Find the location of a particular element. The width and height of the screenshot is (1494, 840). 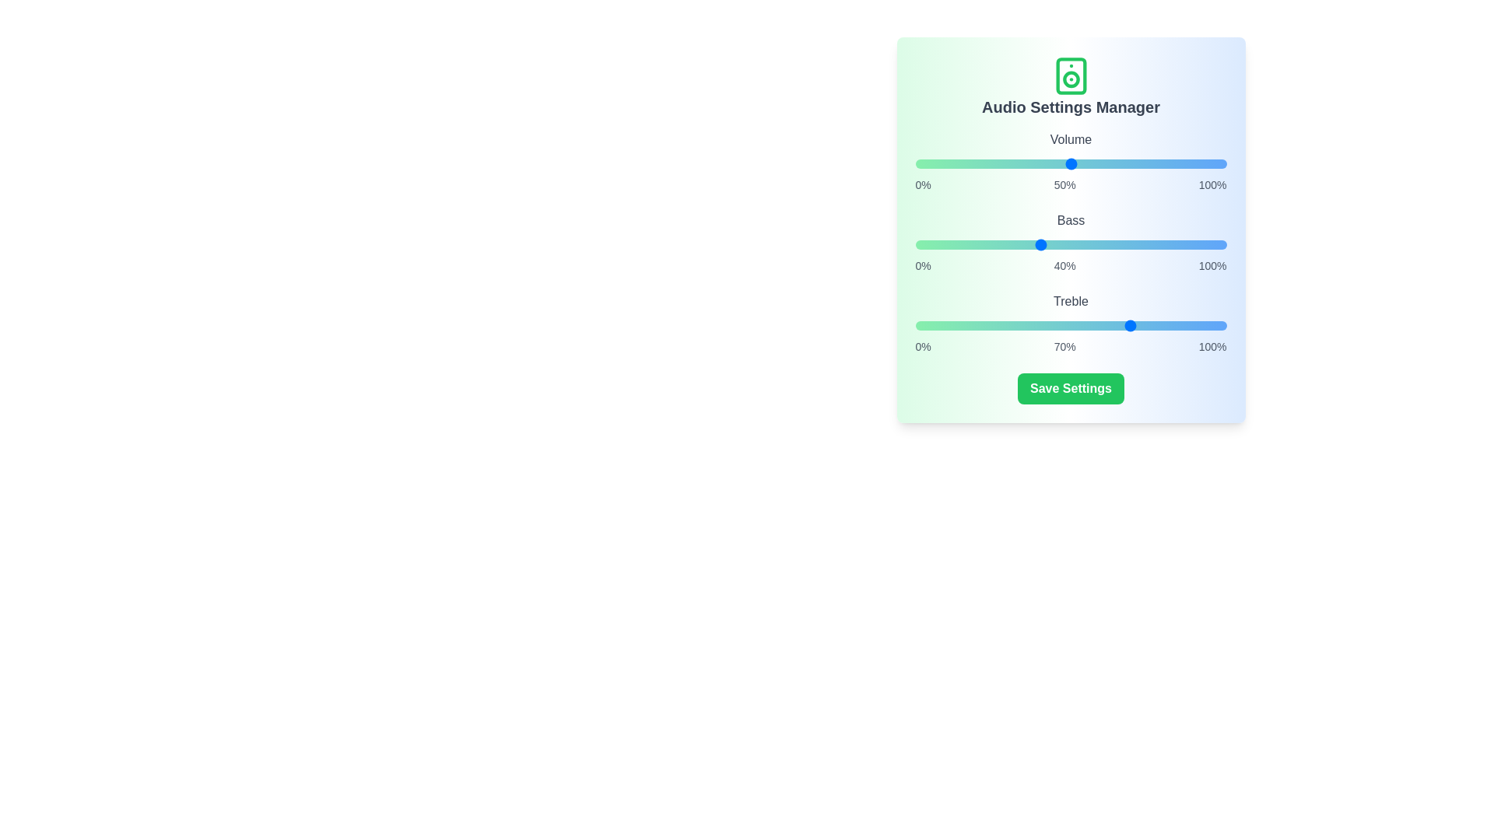

the volume slider to 35% is located at coordinates (1024, 164).